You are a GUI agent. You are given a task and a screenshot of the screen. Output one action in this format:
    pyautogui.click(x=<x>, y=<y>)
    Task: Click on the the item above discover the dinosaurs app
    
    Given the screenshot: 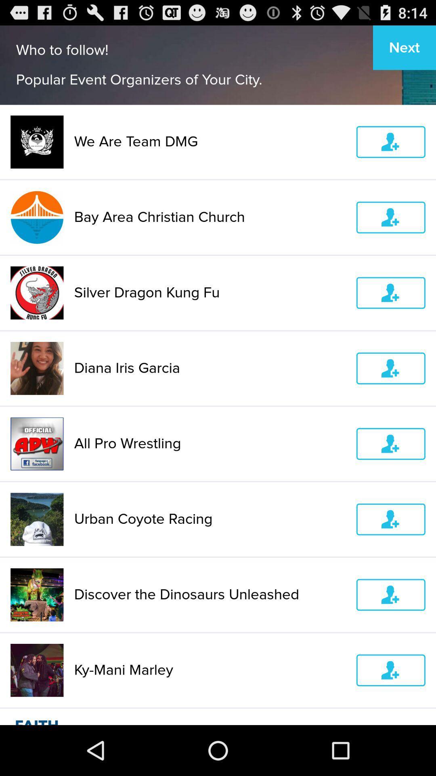 What is the action you would take?
    pyautogui.click(x=210, y=519)
    